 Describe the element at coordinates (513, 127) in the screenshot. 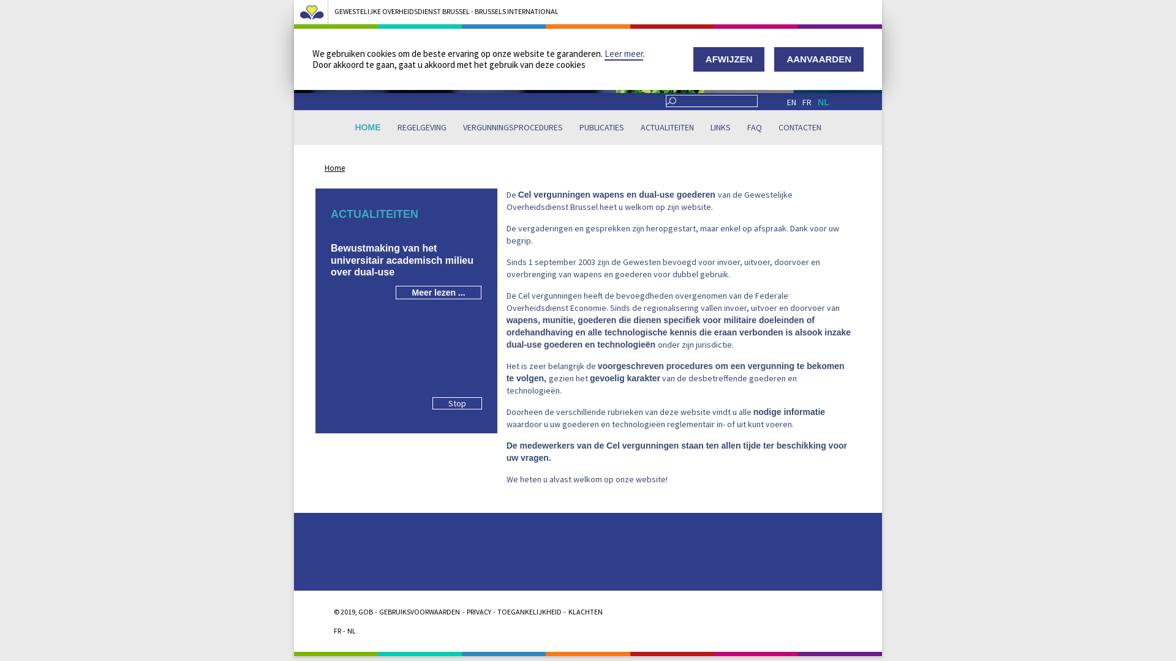

I see `'VERGUNNINGSPROCEDURES'` at that location.